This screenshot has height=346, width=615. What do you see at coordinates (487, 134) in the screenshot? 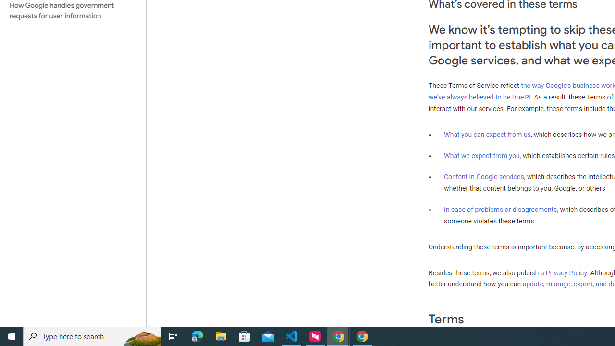
I see `'What you can expect from us'` at bounding box center [487, 134].